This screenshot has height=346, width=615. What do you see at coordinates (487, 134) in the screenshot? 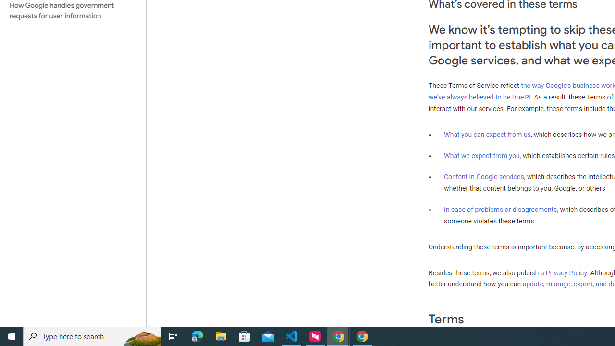
I see `'What you can expect from us'` at bounding box center [487, 134].